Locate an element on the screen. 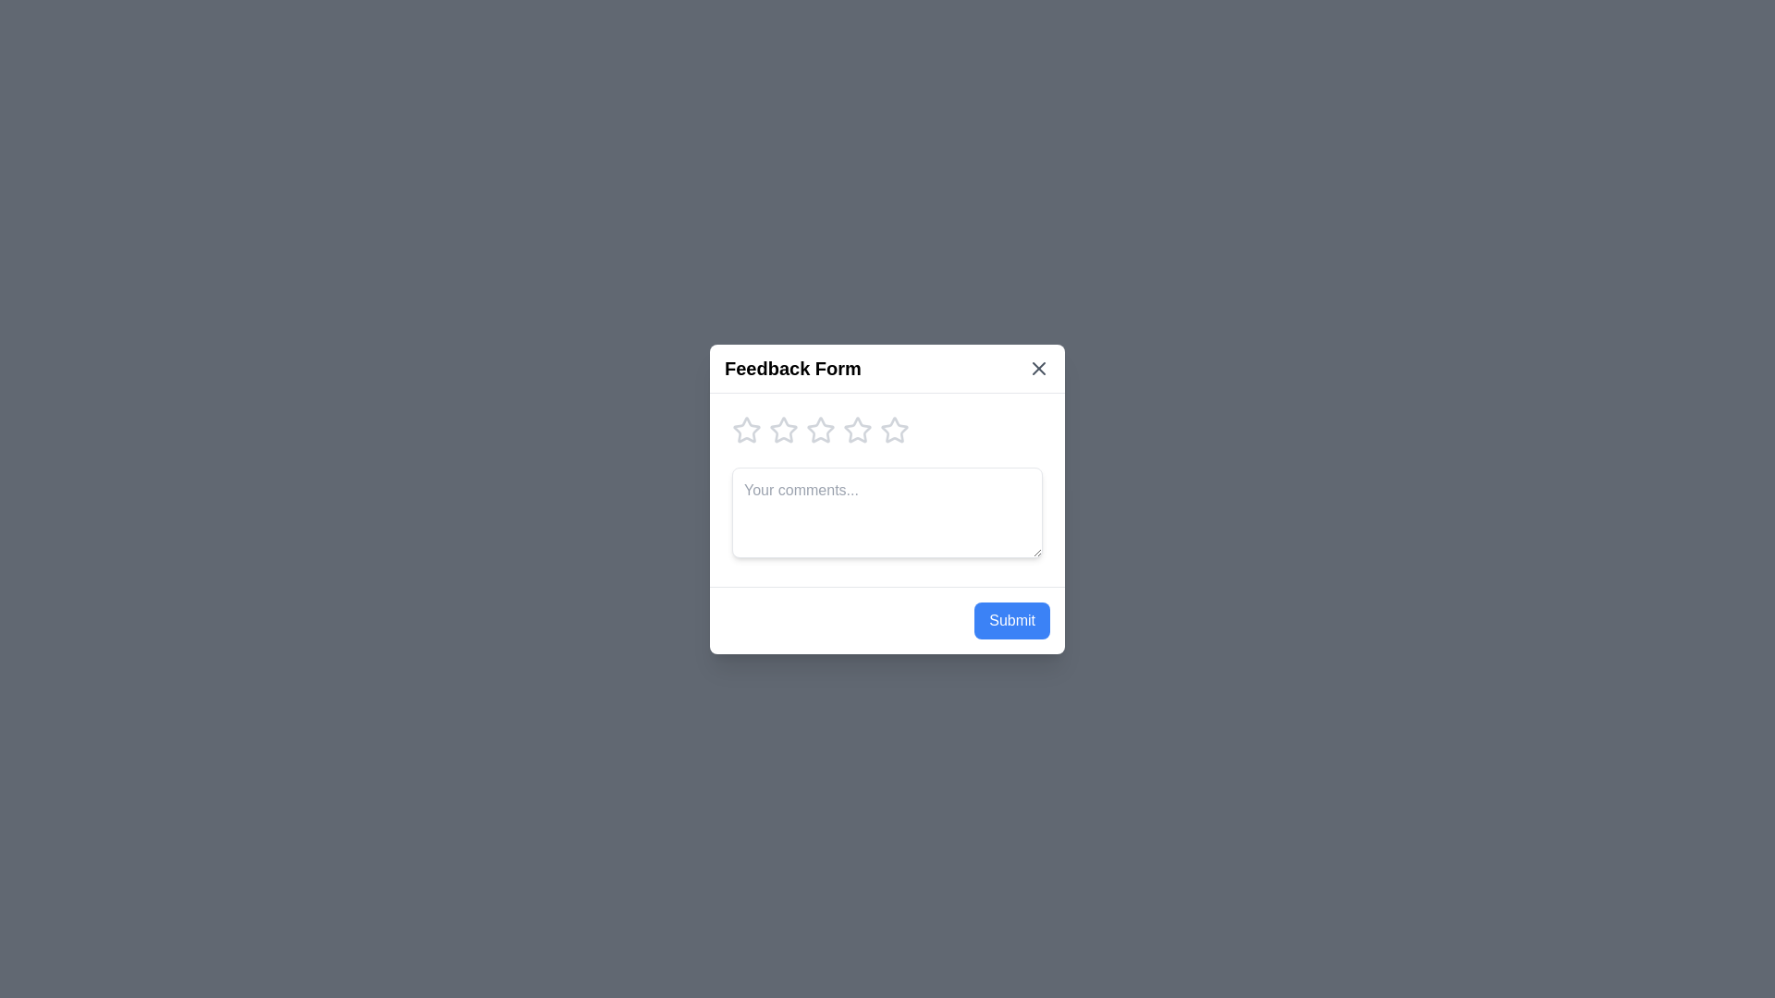  the text area and type the comment is located at coordinates (887, 512).